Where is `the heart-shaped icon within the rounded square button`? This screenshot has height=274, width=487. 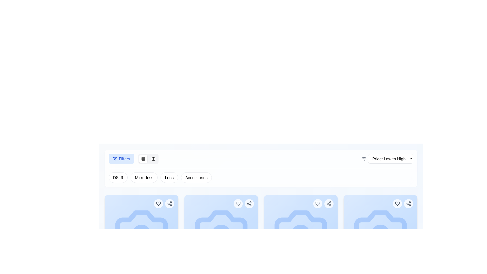
the heart-shaped icon within the rounded square button is located at coordinates (158, 203).